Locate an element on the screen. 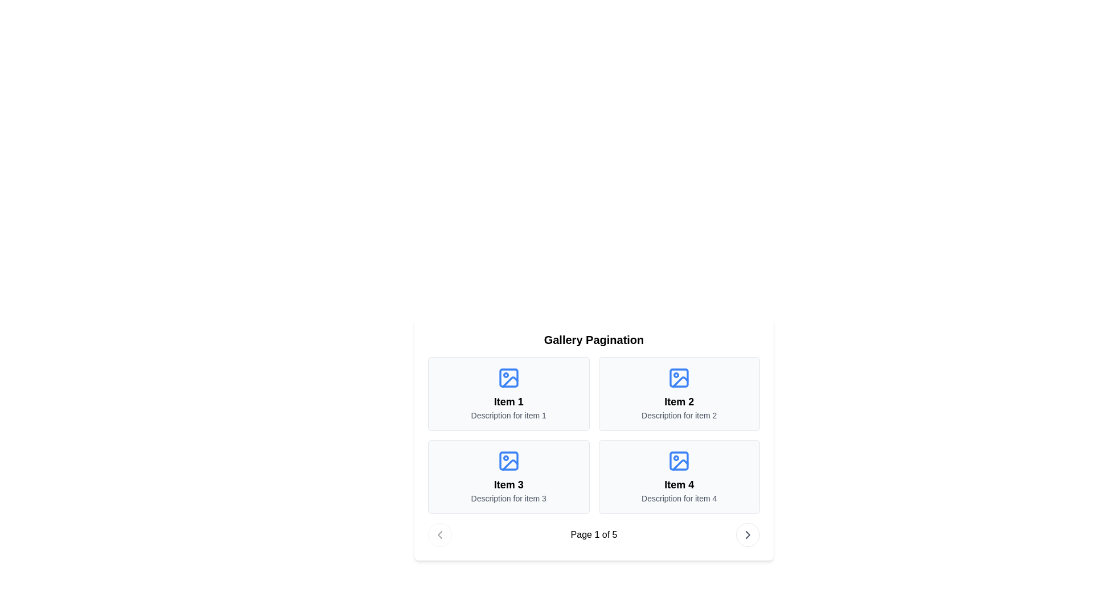  label 'Item 1' which is a bold, black text element located in the top-left cell of a 2x2 grid structure, positioned above the description 'Description for item 1' is located at coordinates (508, 401).